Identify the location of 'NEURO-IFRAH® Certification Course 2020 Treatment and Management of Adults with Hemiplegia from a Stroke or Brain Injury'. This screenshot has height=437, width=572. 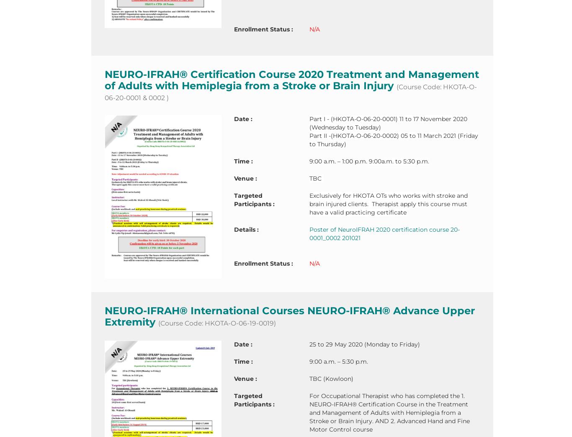
(291, 79).